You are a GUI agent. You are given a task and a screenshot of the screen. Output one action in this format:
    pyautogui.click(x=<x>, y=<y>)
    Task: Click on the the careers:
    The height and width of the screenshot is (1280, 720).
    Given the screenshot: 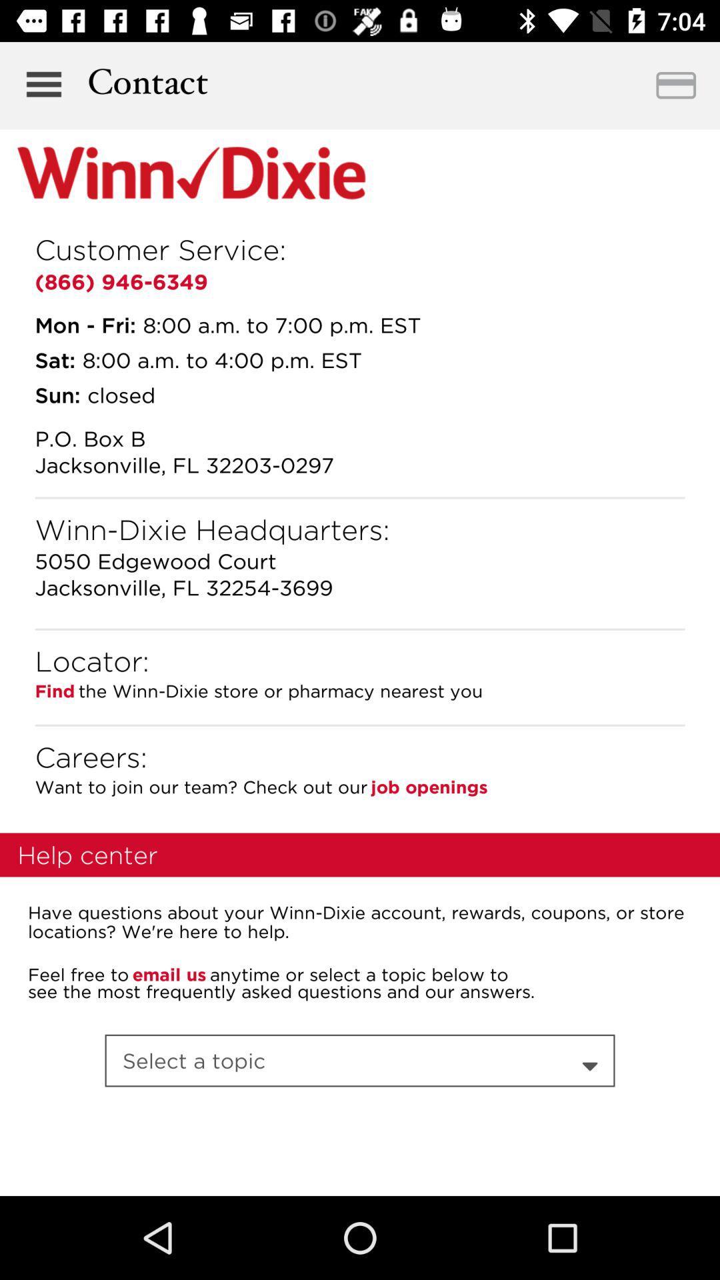 What is the action you would take?
    pyautogui.click(x=90, y=757)
    